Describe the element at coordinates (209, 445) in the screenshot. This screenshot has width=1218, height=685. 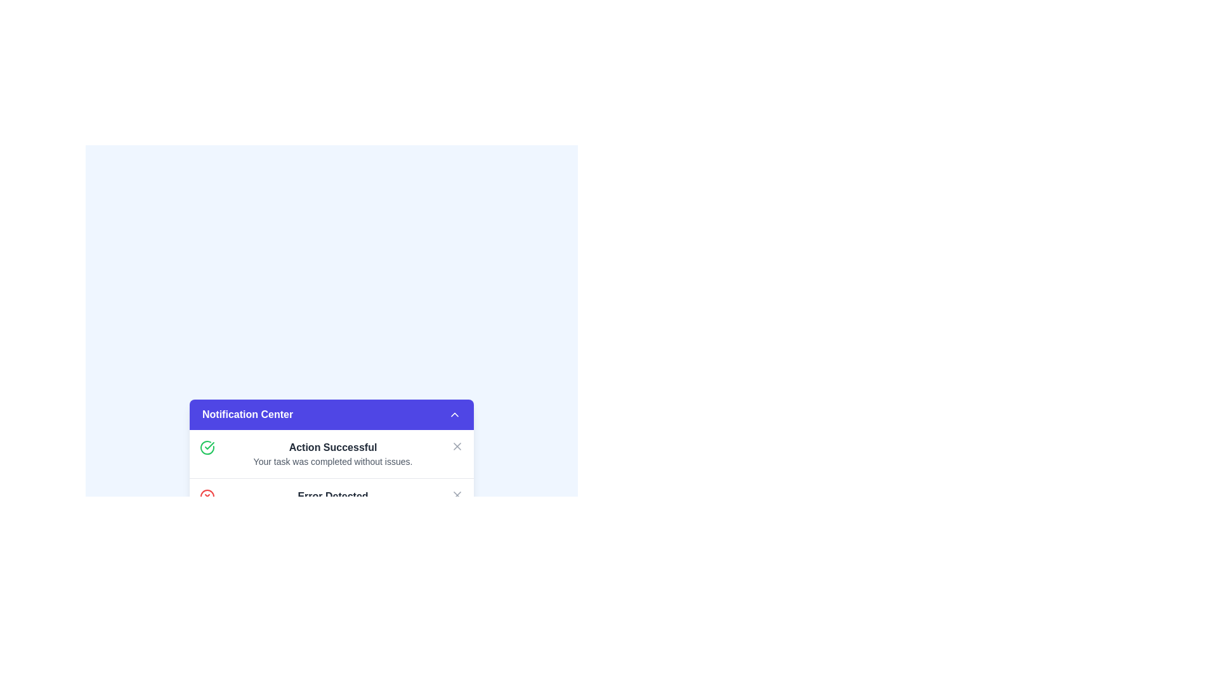
I see `the checkmark icon that signifies successful completion of a task, located to the left of the 'Action Successful' text in the notification center` at that location.